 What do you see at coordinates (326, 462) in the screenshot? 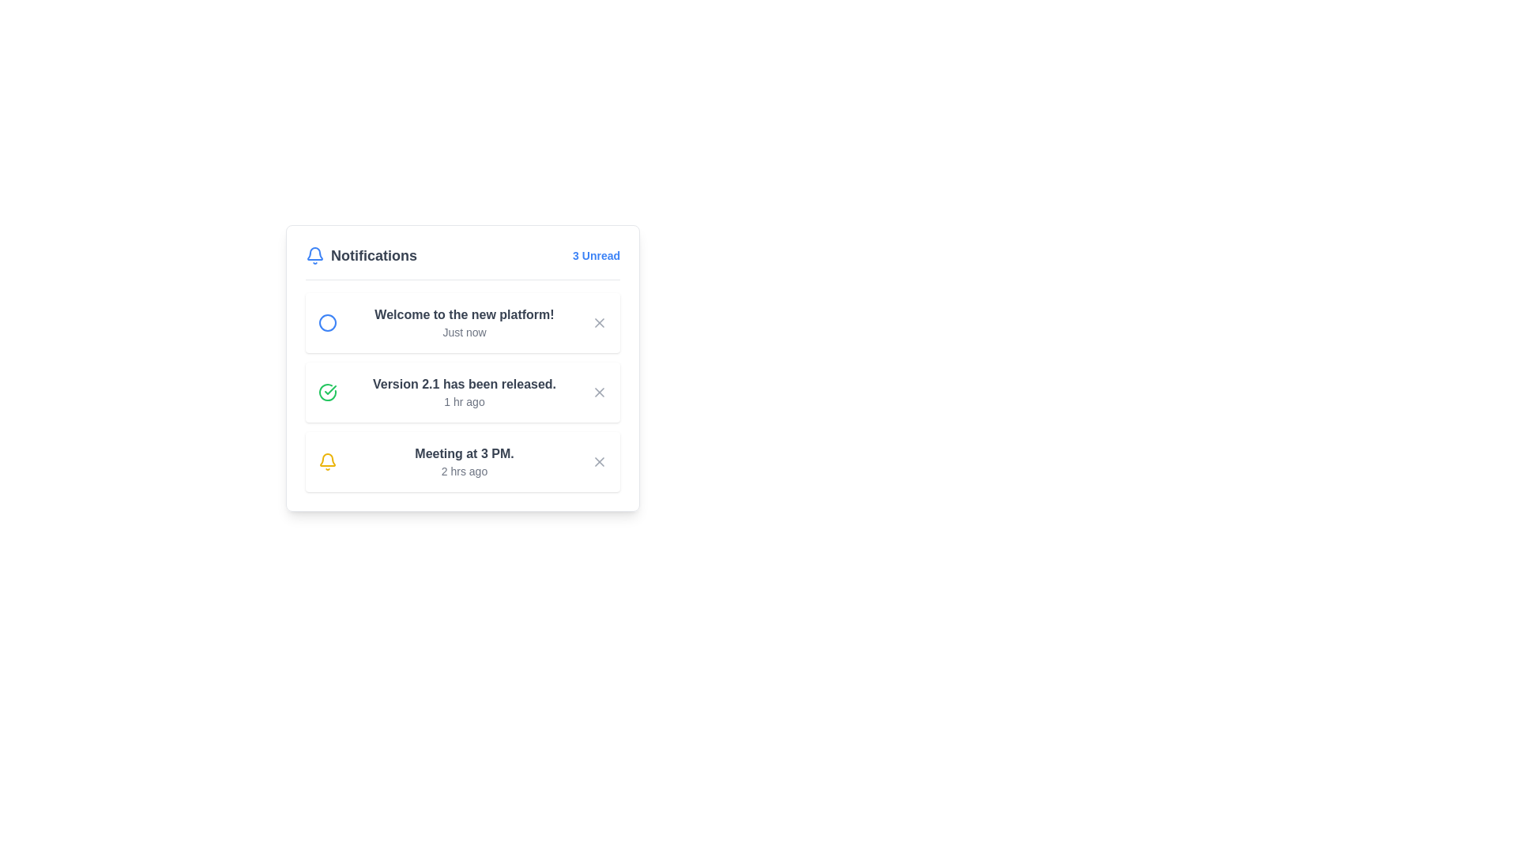
I see `the bell icon located within the notification card stating 'Meeting at 3 PM.' on the left side beside the text for informational purposes` at bounding box center [326, 462].